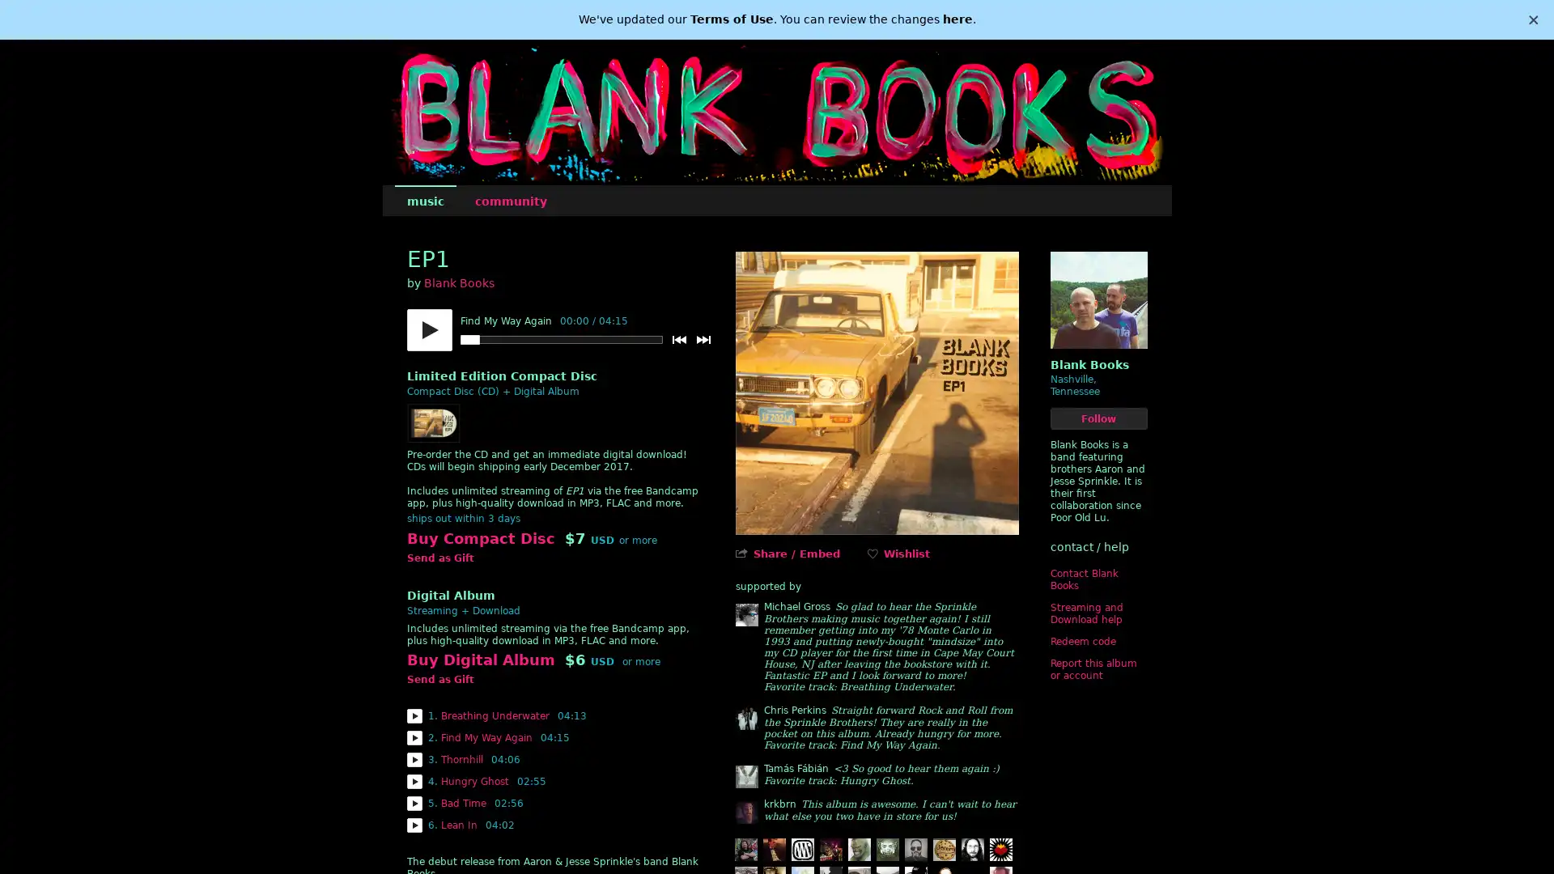 This screenshot has width=1554, height=874. Describe the element at coordinates (414, 825) in the screenshot. I see `Play Lean In` at that location.